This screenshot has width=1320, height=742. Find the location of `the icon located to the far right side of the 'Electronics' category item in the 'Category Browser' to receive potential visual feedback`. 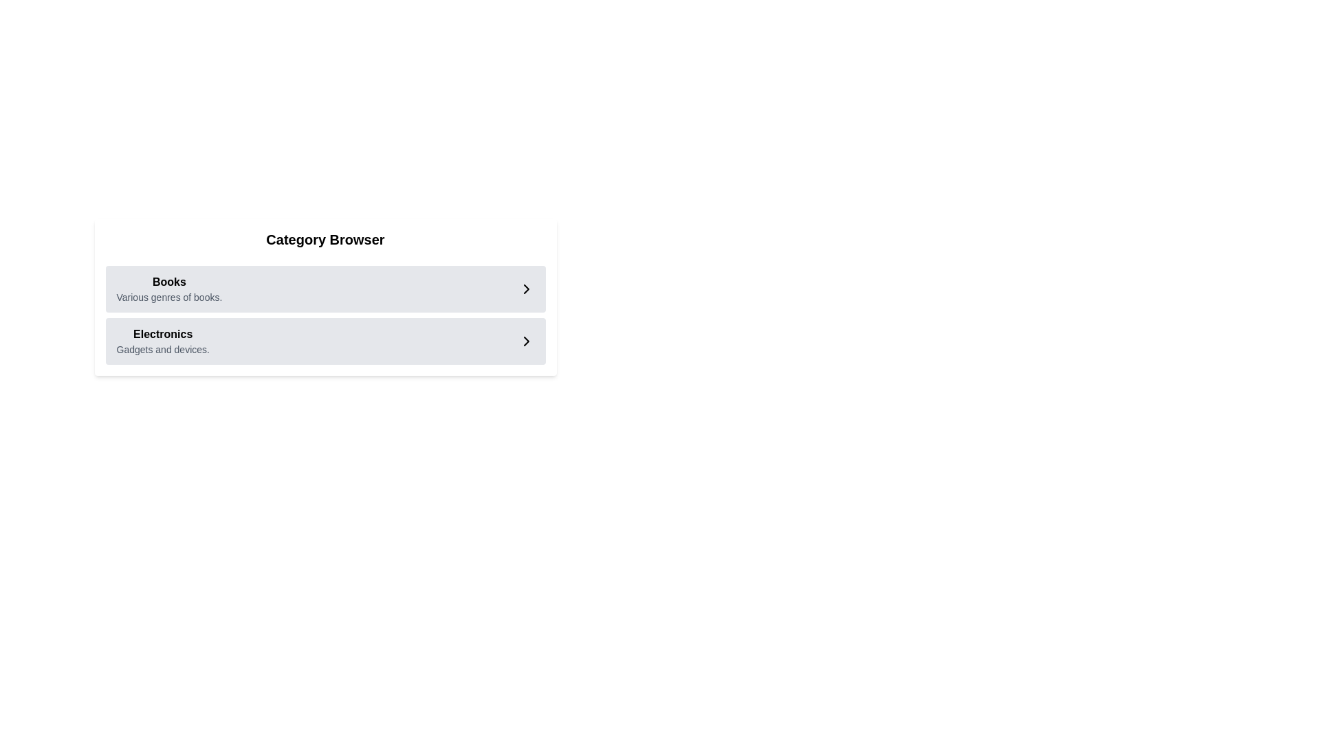

the icon located to the far right side of the 'Electronics' category item in the 'Category Browser' to receive potential visual feedback is located at coordinates (525, 341).